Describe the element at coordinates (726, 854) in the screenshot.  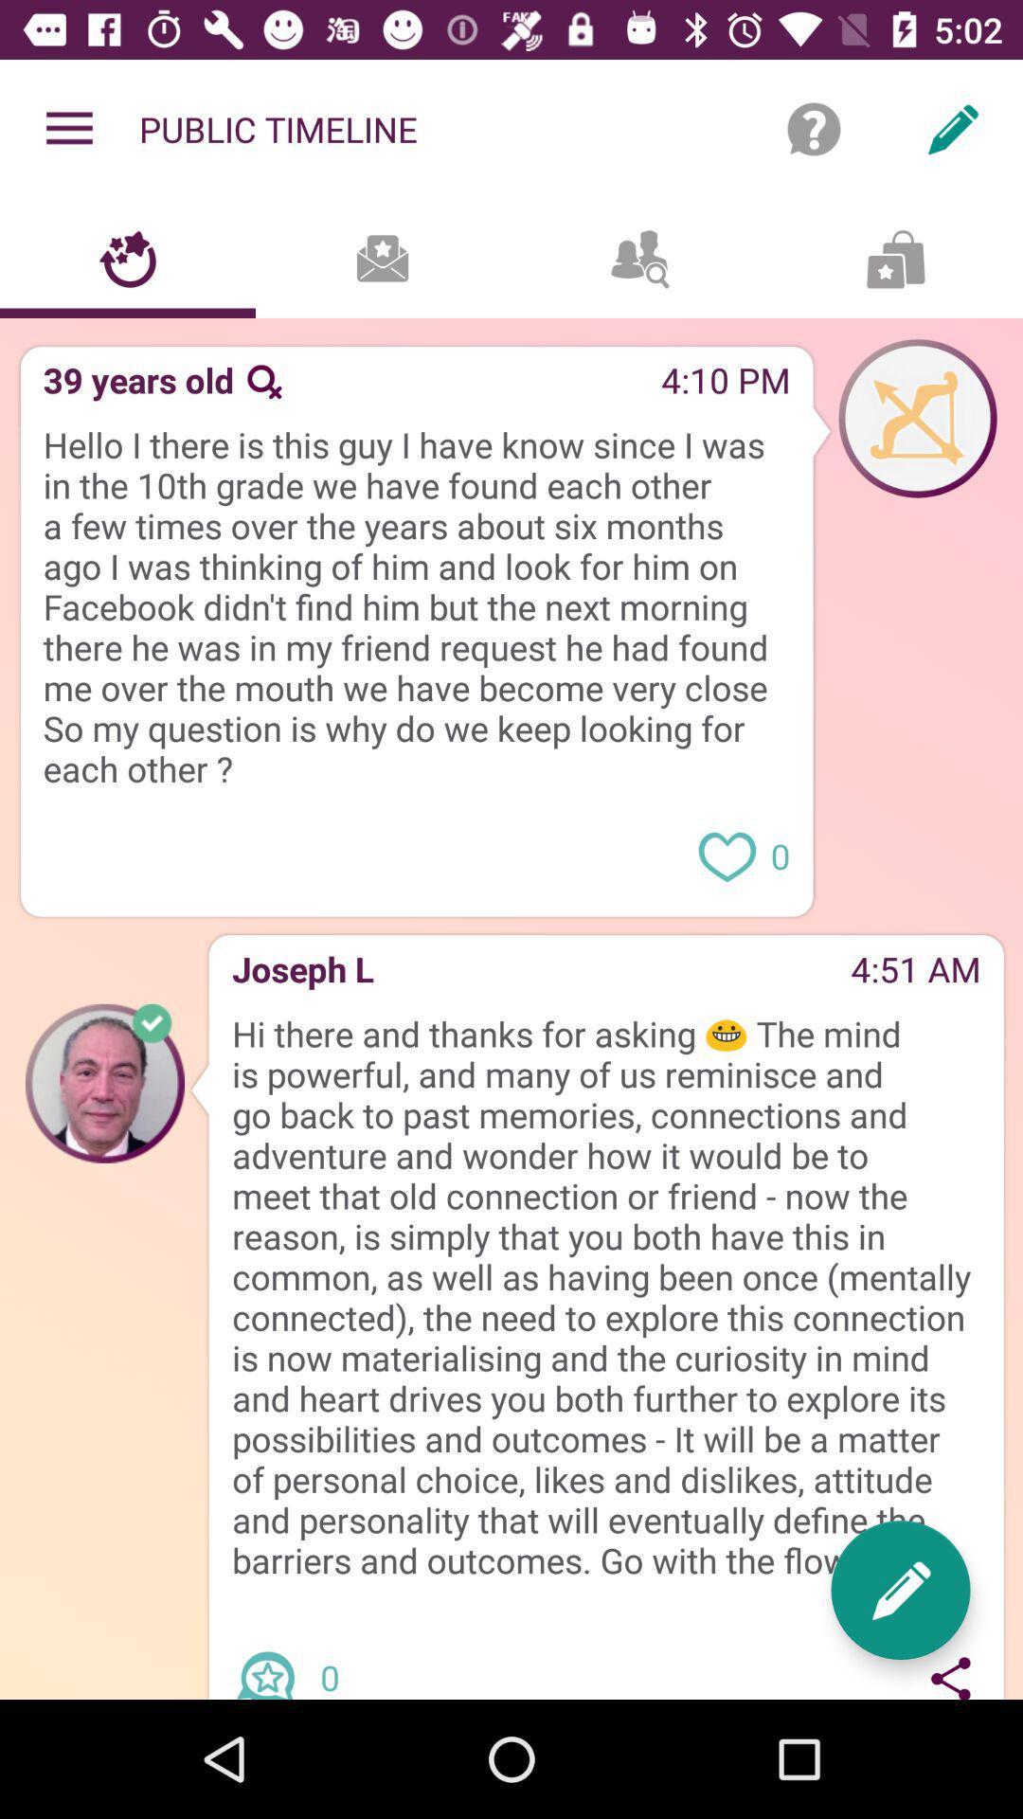
I see `love message` at that location.